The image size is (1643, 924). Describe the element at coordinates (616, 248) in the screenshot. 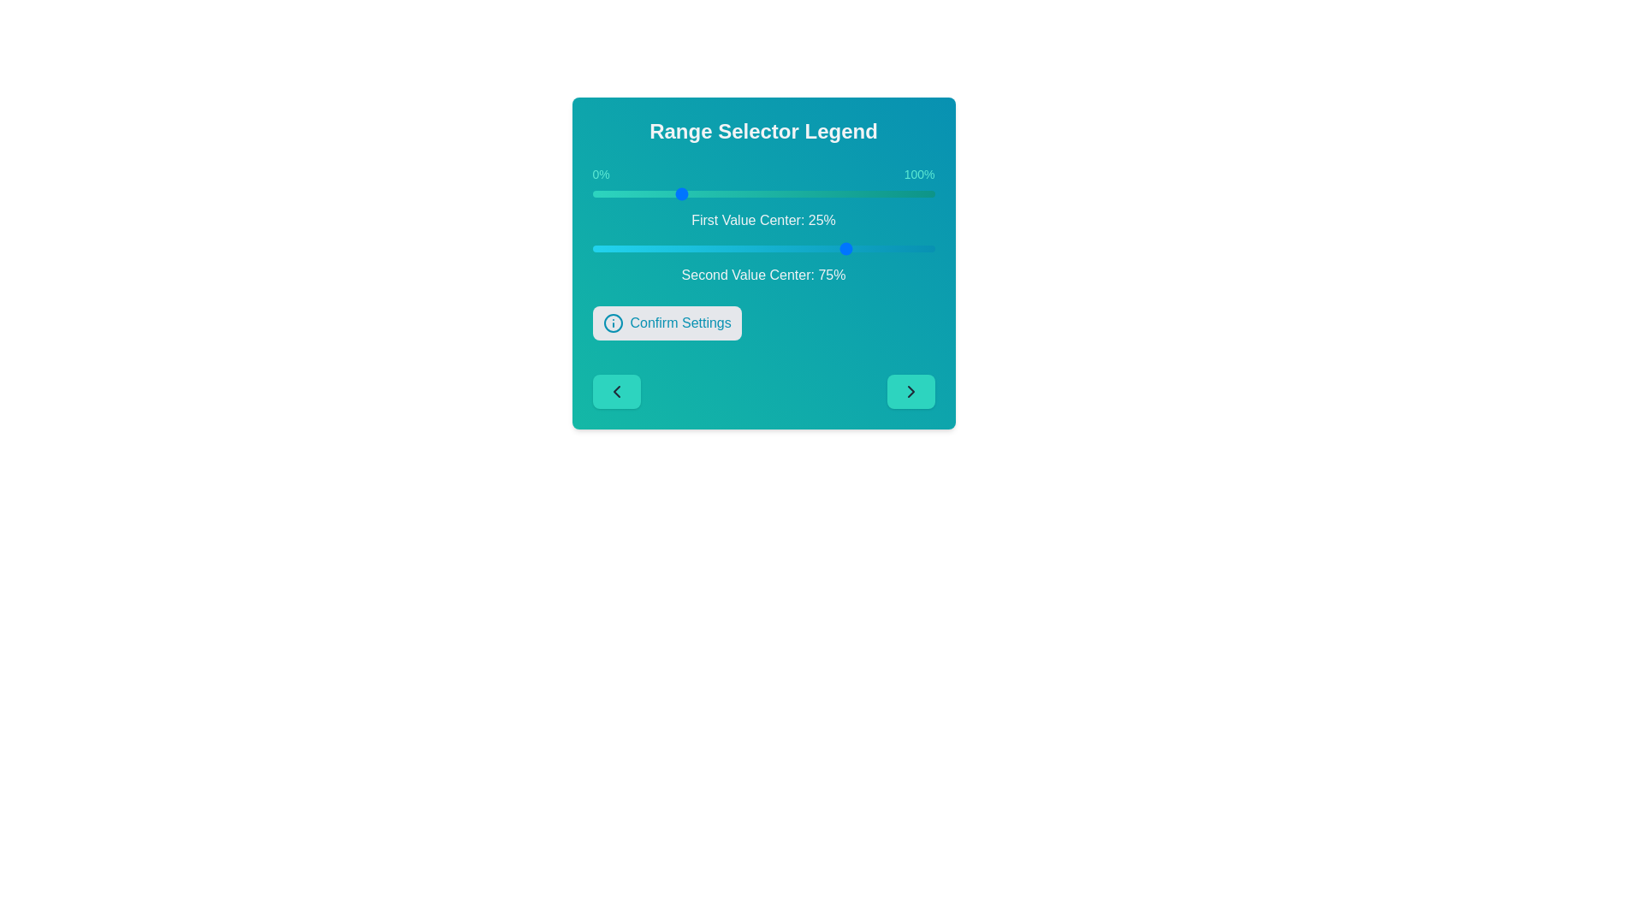

I see `the slider value` at that location.